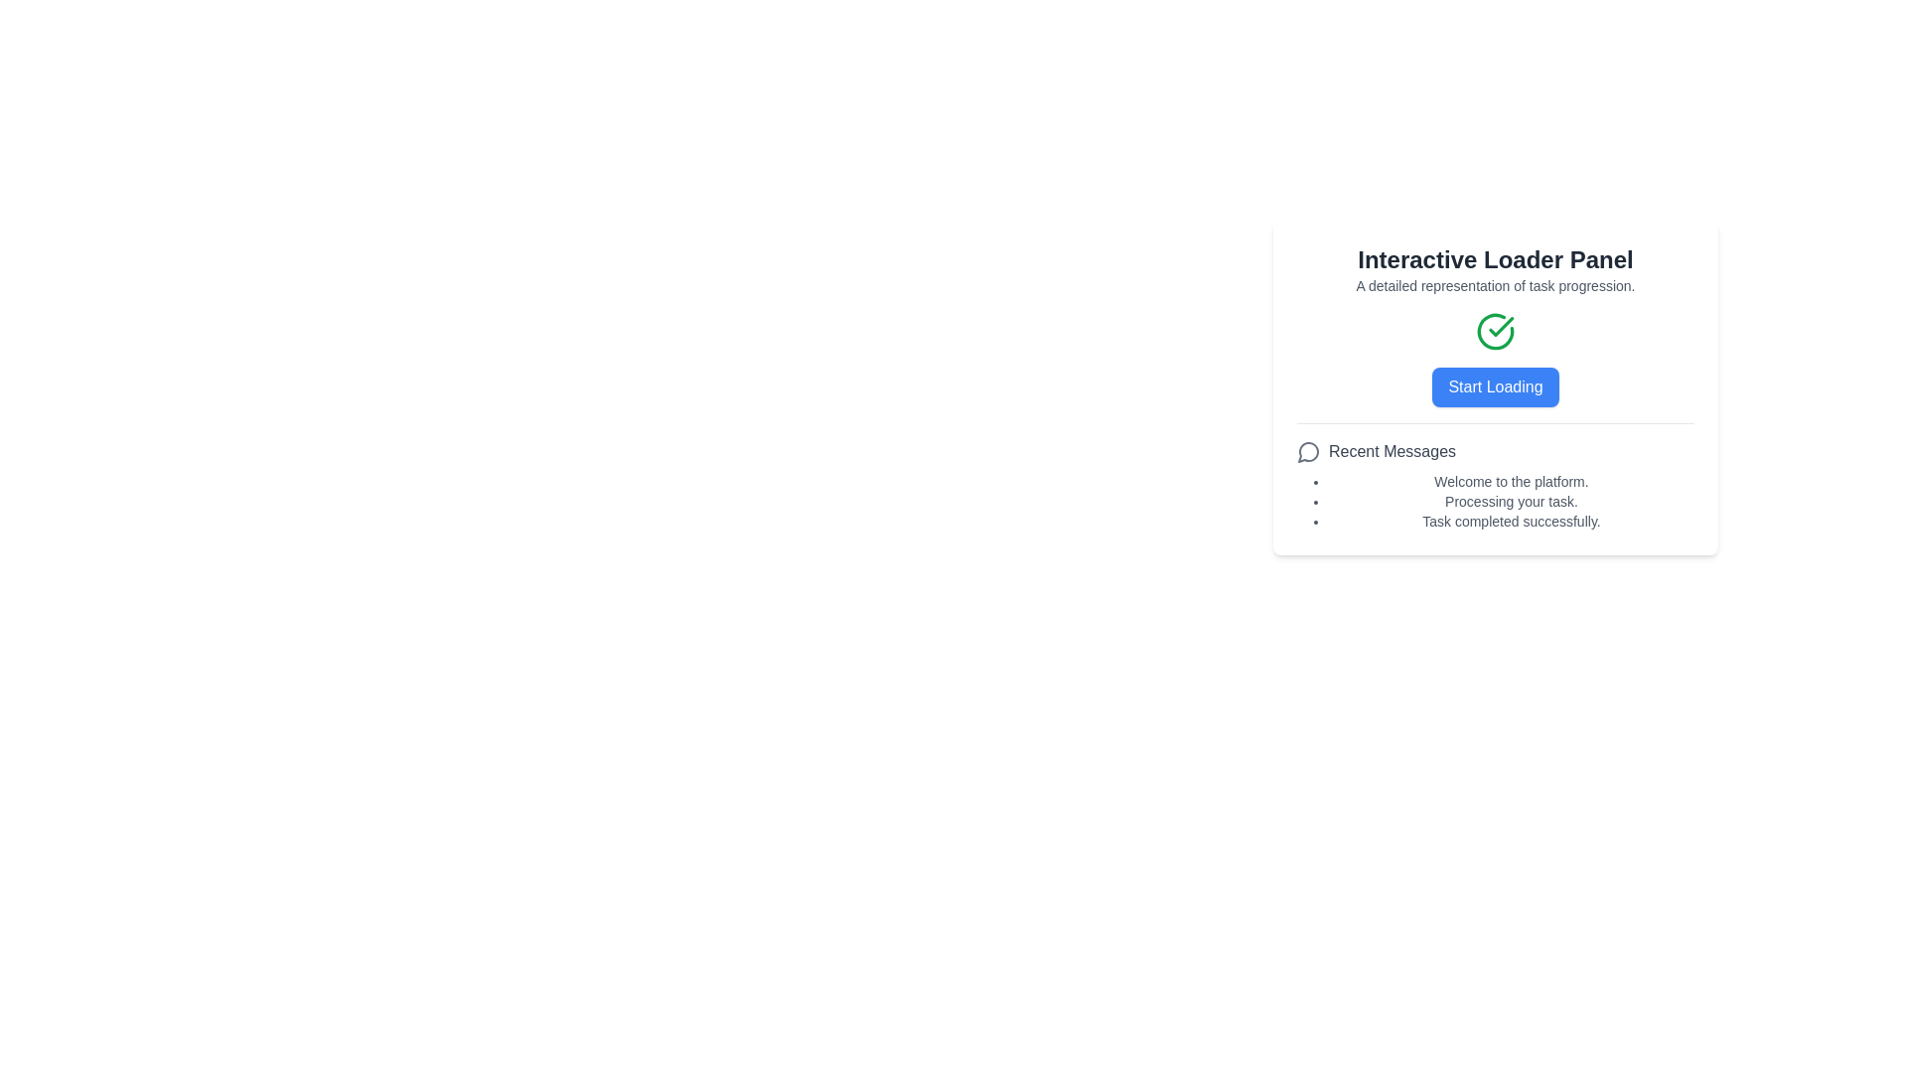 This screenshot has width=1907, height=1073. What do you see at coordinates (1510, 501) in the screenshot?
I see `the text 'Processing your task.' which is the second item in the bulleted list under 'Recent Messages' in the right-side panel` at bounding box center [1510, 501].